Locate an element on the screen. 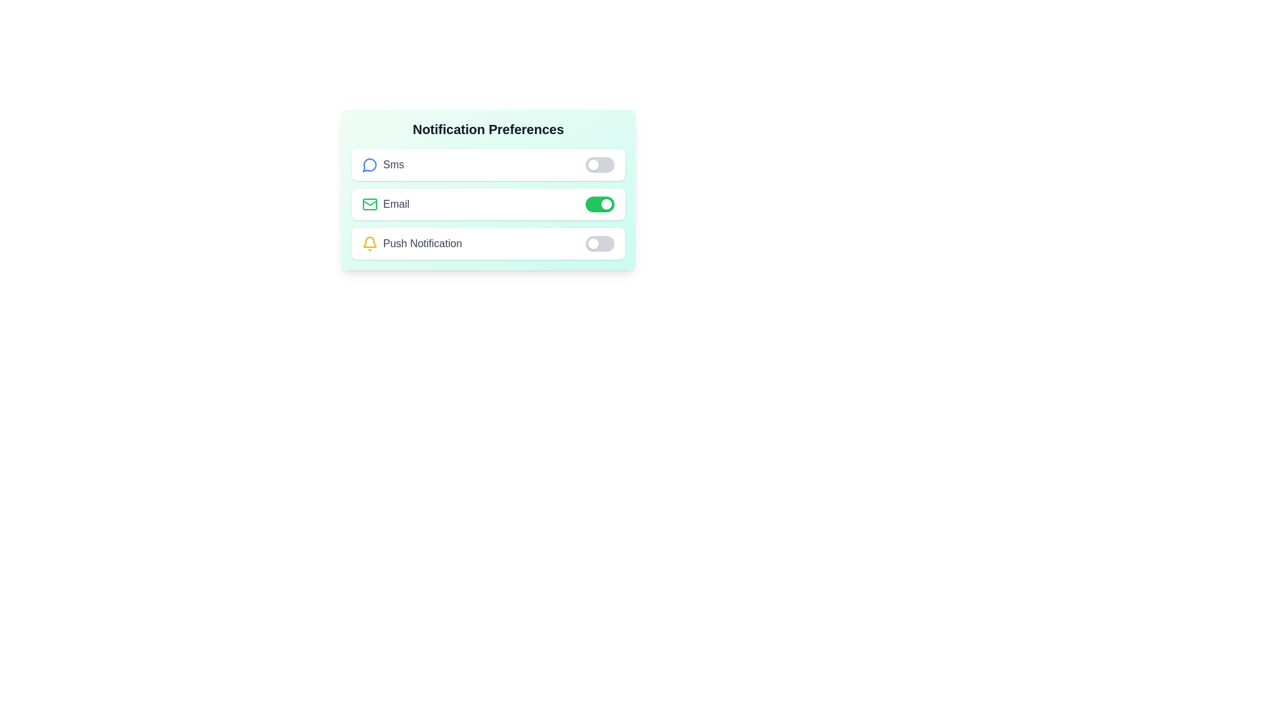  the SMS notification preference icon, located at the upper-left side of the SMS text label for enhanced user recognition is located at coordinates (369, 164).